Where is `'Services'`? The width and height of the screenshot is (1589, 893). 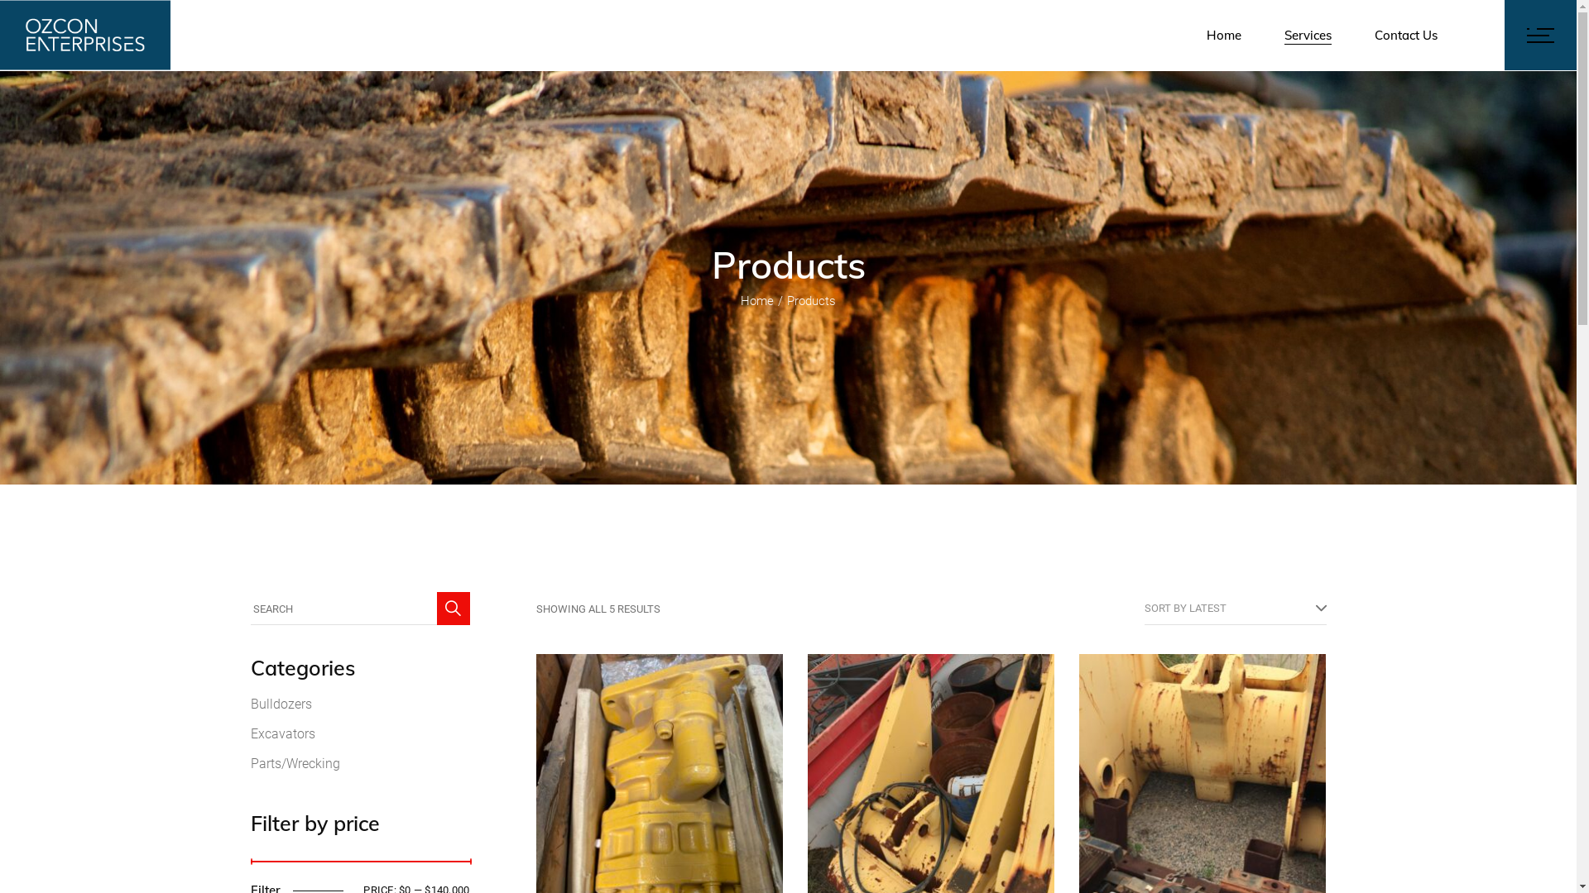
'Services' is located at coordinates (1307, 35).